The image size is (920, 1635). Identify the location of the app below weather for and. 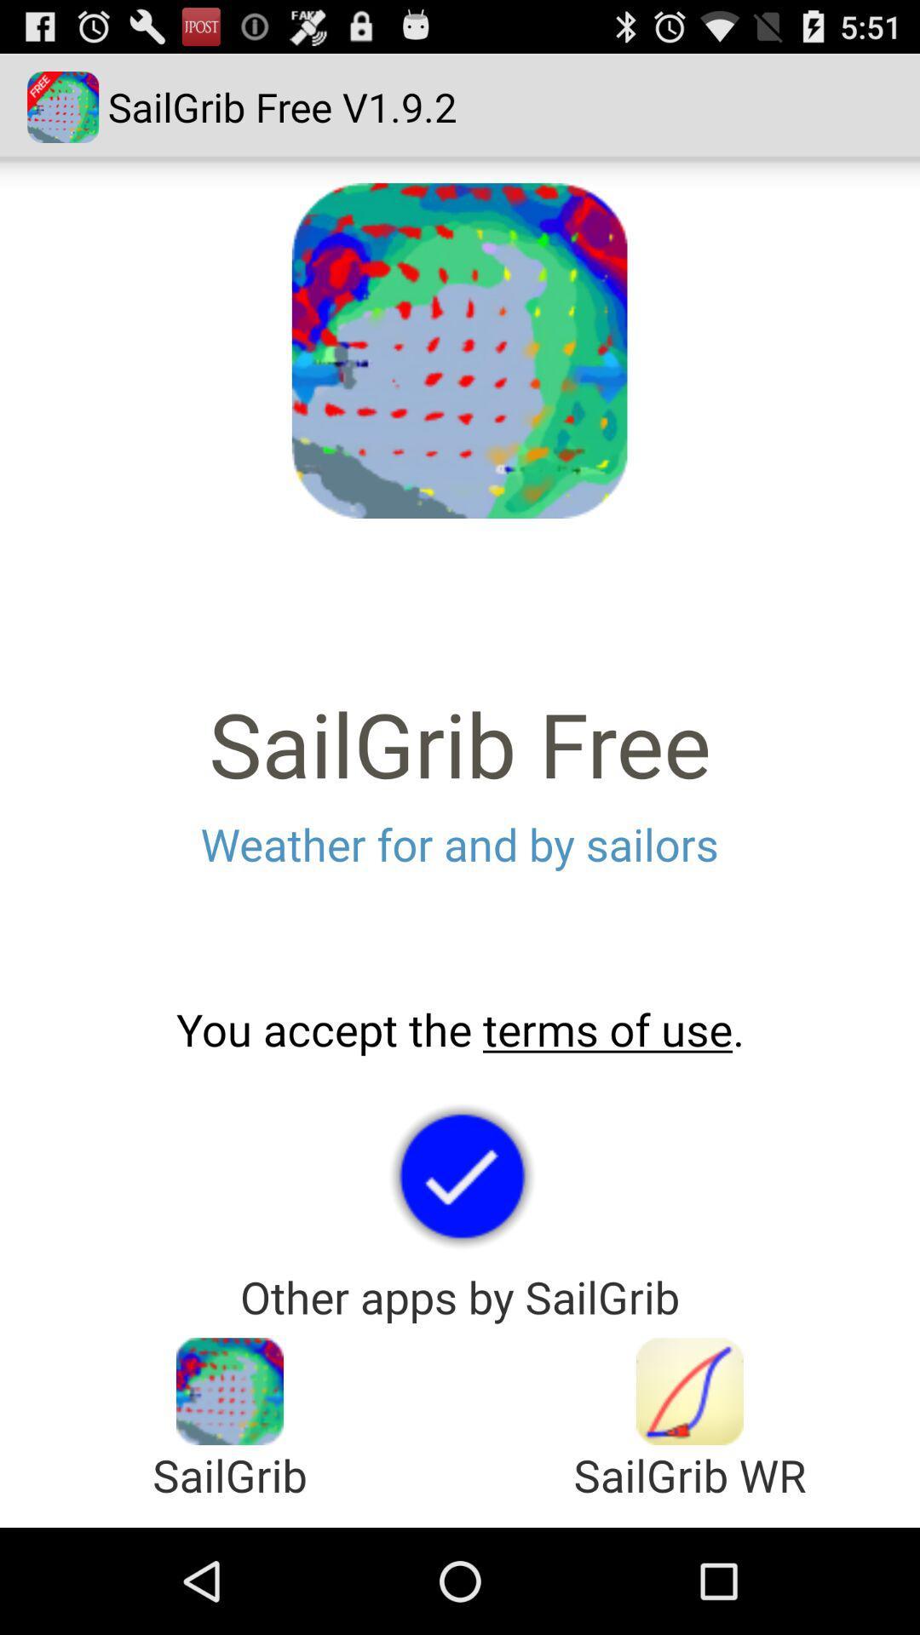
(460, 1029).